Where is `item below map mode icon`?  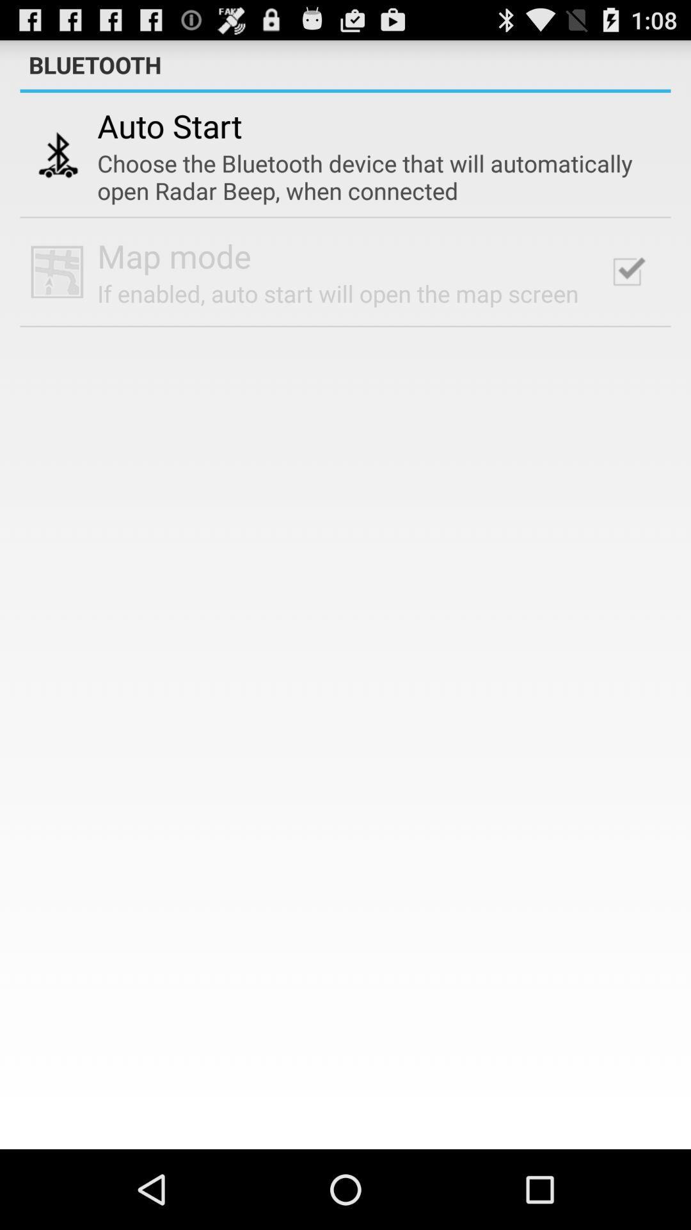 item below map mode icon is located at coordinates (337, 293).